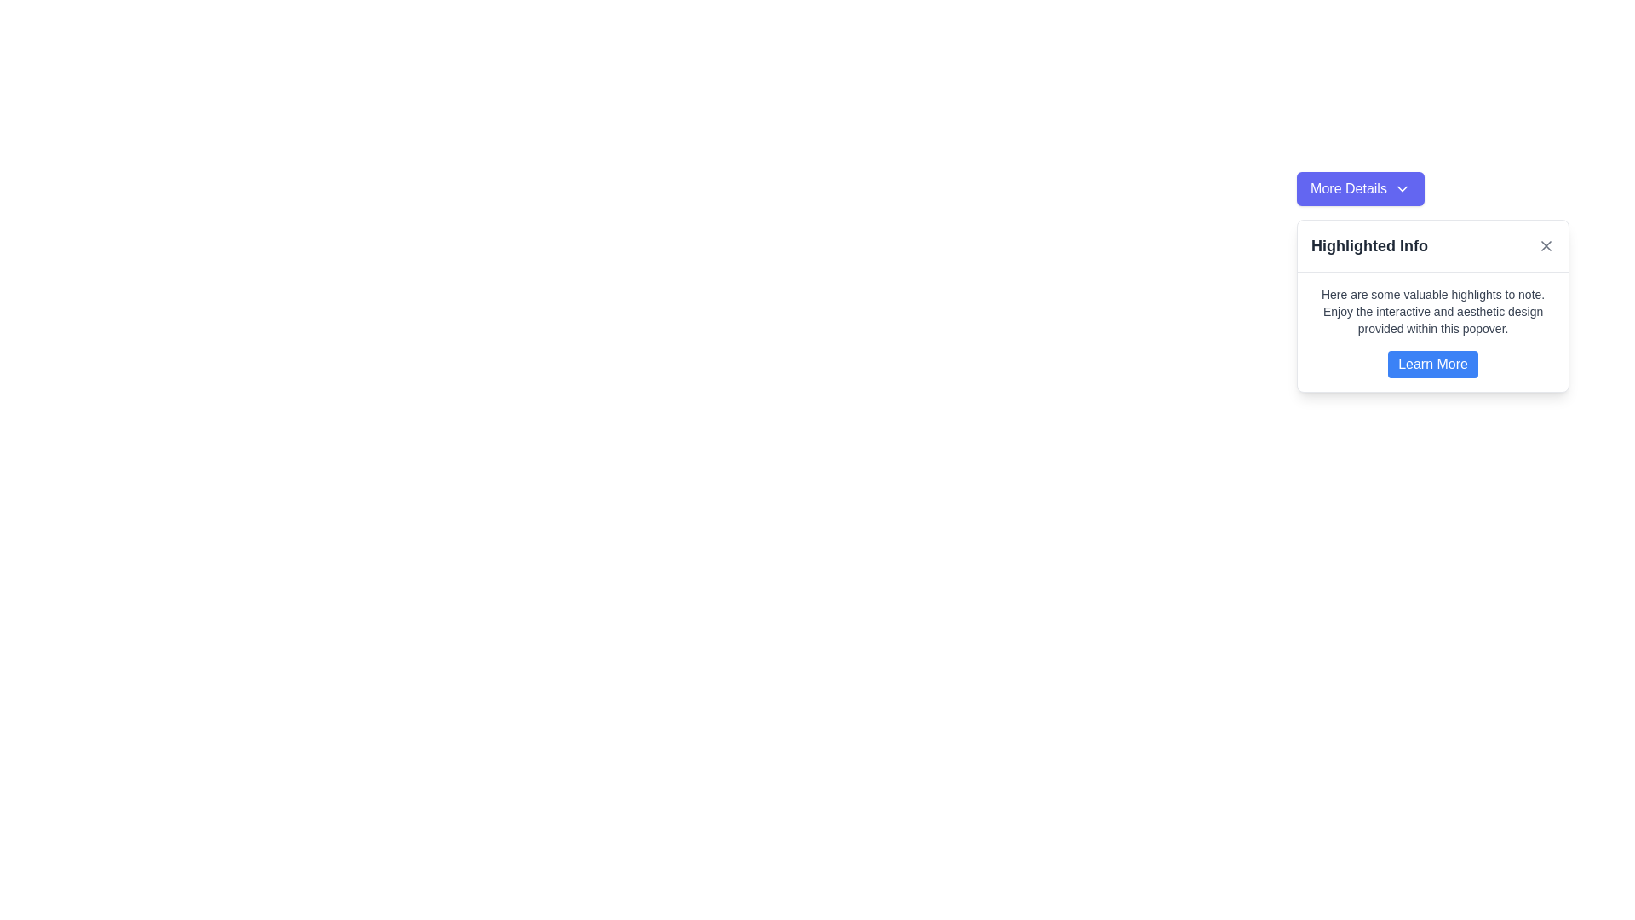 The height and width of the screenshot is (920, 1635). Describe the element at coordinates (1546, 246) in the screenshot. I see `the close icon in the top-right corner of the 'Highlighted Info' tooltip` at that location.